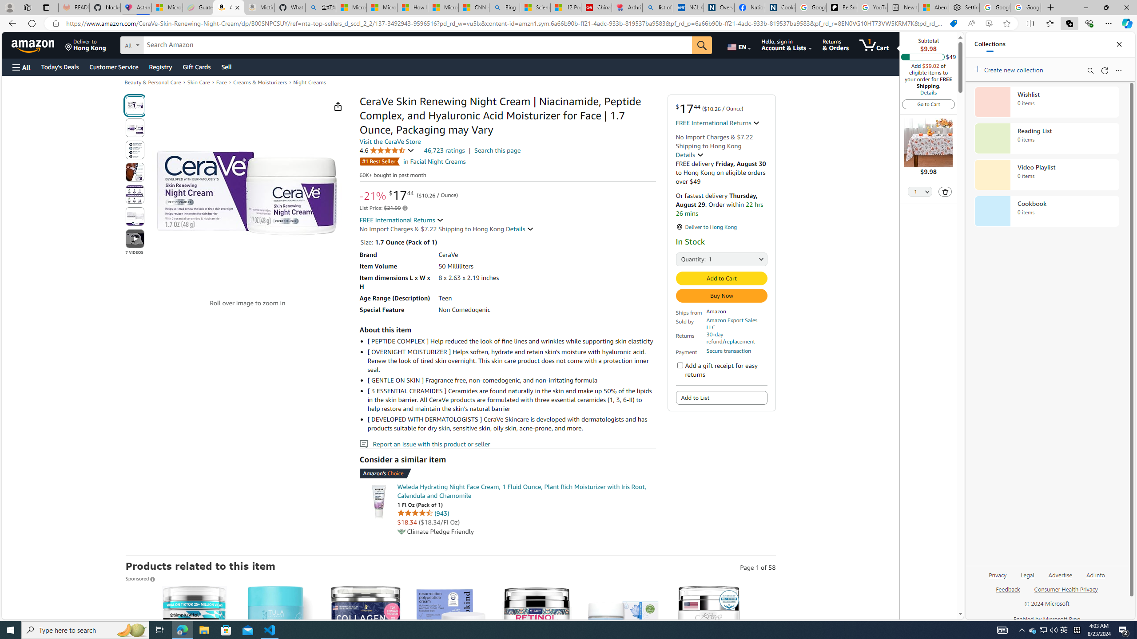 The image size is (1137, 639). I want to click on 'Learn more about Amazon pricing and savings', so click(405, 208).